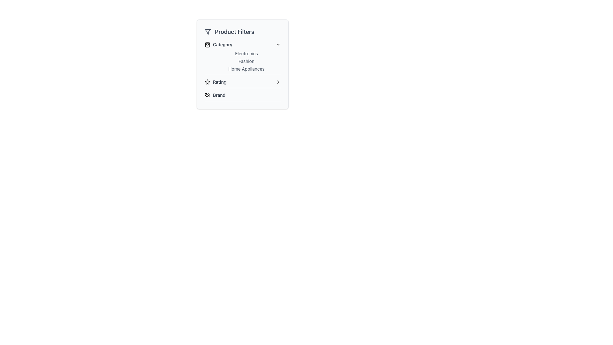  Describe the element at coordinates (242, 71) in the screenshot. I see `the 'Category' filter in the vertical list of filter options within the 'Product Filters' panel` at that location.